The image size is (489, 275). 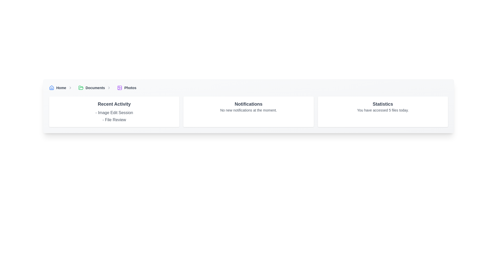 What do you see at coordinates (114, 112) in the screenshot?
I see `the 'Recent Activity' informational card located in the upper central part of the interface, styled with a clean white card layout and containing a heading and list items` at bounding box center [114, 112].